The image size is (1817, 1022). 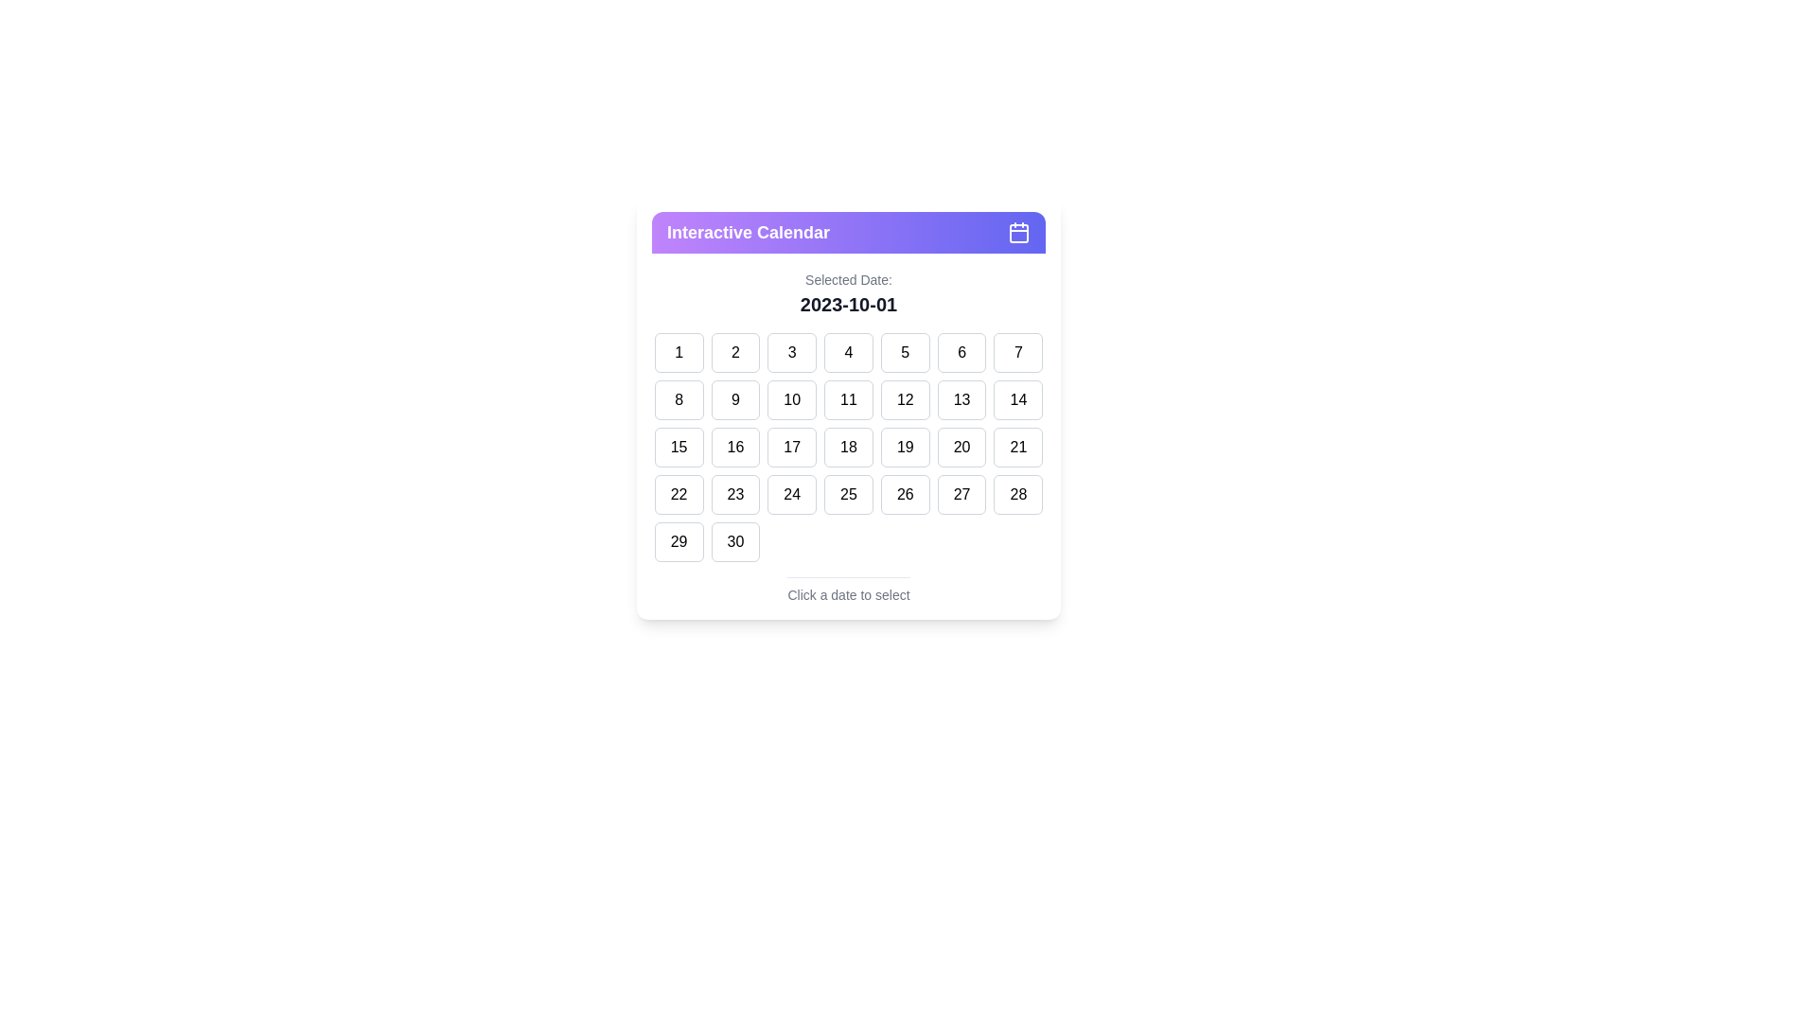 What do you see at coordinates (904, 448) in the screenshot?
I see `the clickable calendar date tile representing the date '19'` at bounding box center [904, 448].